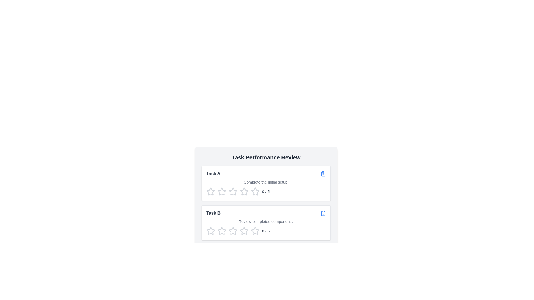 This screenshot has width=534, height=300. What do you see at coordinates (266, 222) in the screenshot?
I see `the star rating indicator for 'Task B' to rate the task` at bounding box center [266, 222].